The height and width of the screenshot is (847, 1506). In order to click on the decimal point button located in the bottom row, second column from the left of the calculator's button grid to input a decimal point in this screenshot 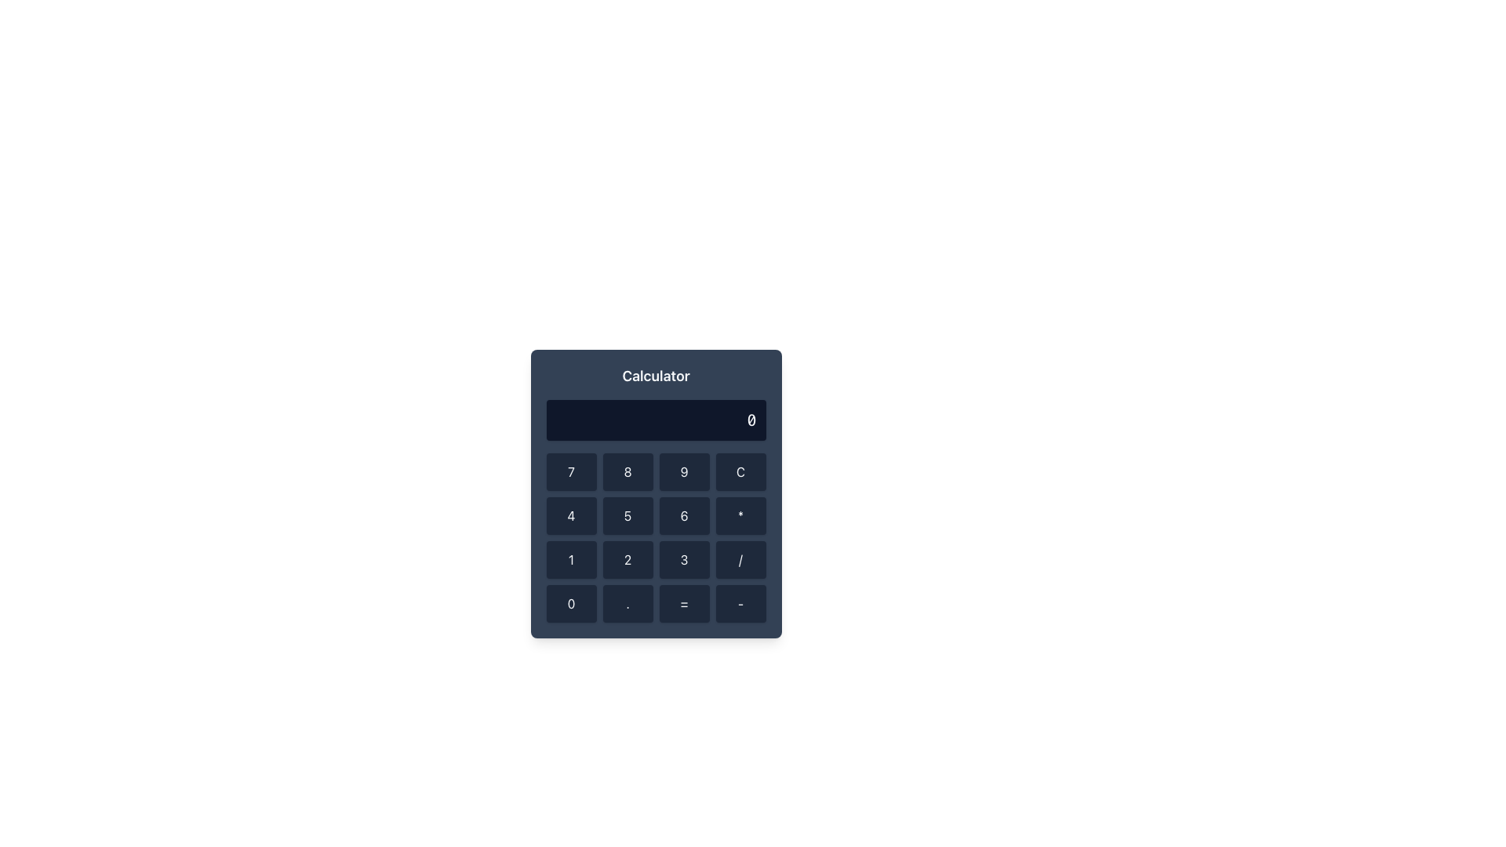, I will do `click(627, 603)`.